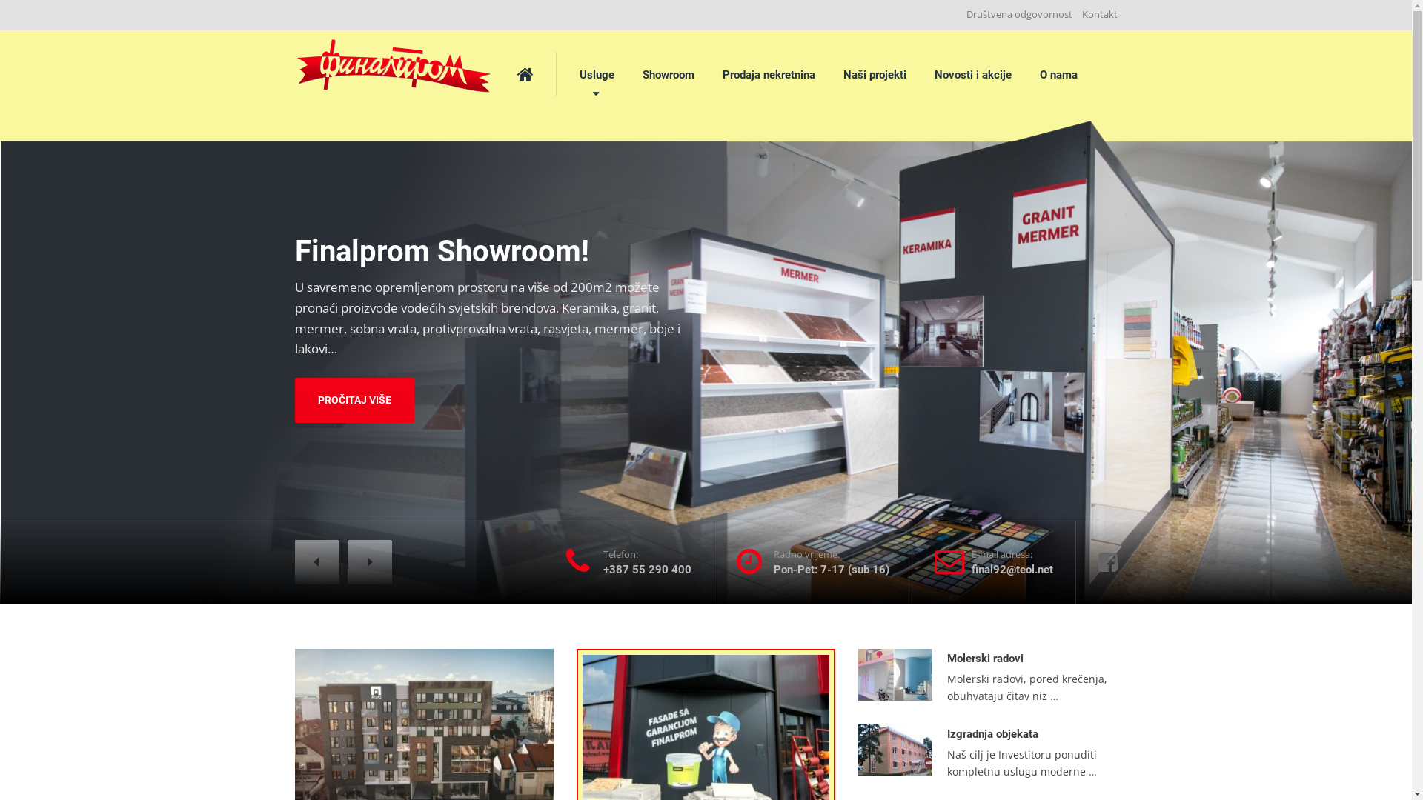 Image resolution: width=1423 pixels, height=800 pixels. Describe the element at coordinates (973, 74) in the screenshot. I see `'Novosti i akcije'` at that location.